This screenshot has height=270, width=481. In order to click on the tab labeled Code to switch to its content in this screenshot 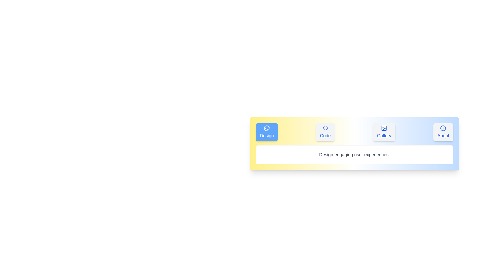, I will do `click(325, 132)`.